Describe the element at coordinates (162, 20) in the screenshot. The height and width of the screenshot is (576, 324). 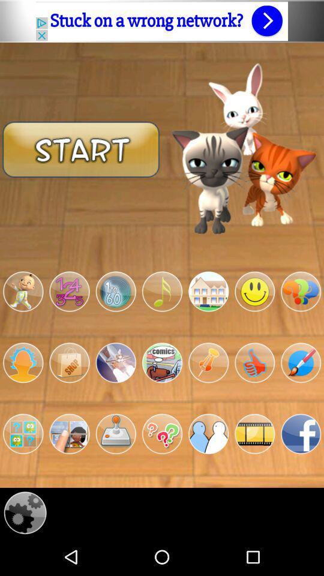
I see `advertisement` at that location.